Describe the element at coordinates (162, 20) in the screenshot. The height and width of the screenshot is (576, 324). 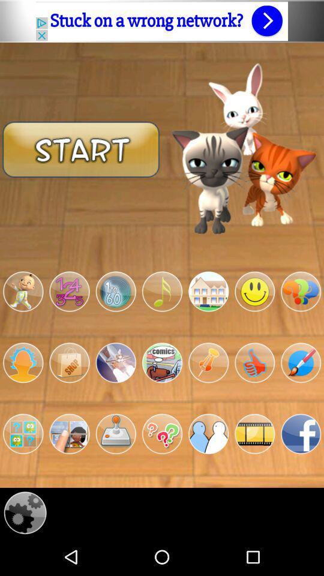
I see `advertisement` at that location.